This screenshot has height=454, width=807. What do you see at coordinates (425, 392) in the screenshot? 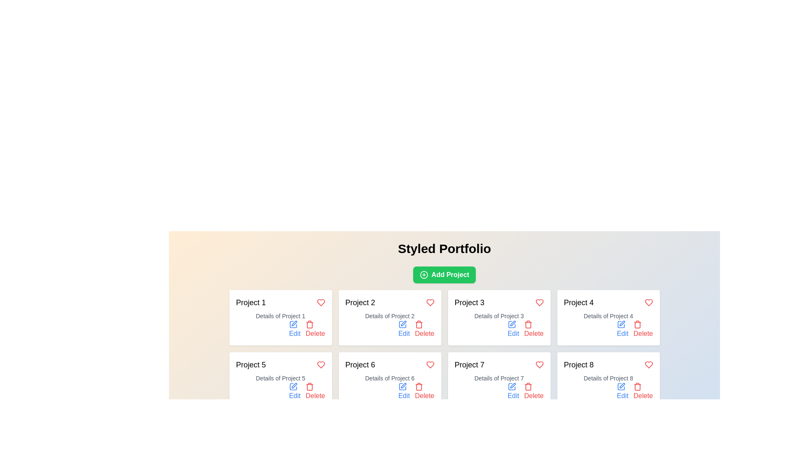
I see `the 'Delete' button with bold red text and a trash can icon located` at bounding box center [425, 392].